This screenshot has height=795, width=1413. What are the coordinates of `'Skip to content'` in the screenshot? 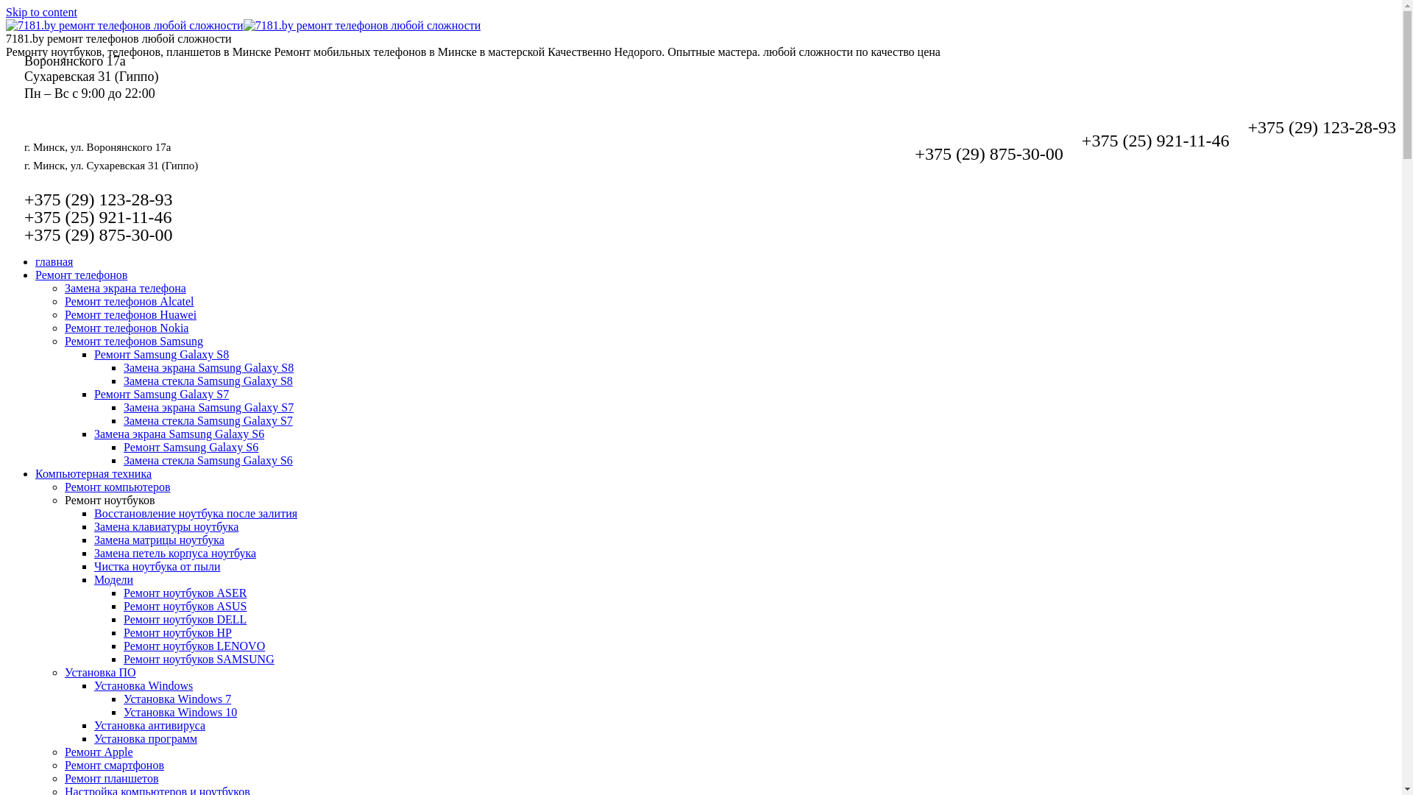 It's located at (41, 12).